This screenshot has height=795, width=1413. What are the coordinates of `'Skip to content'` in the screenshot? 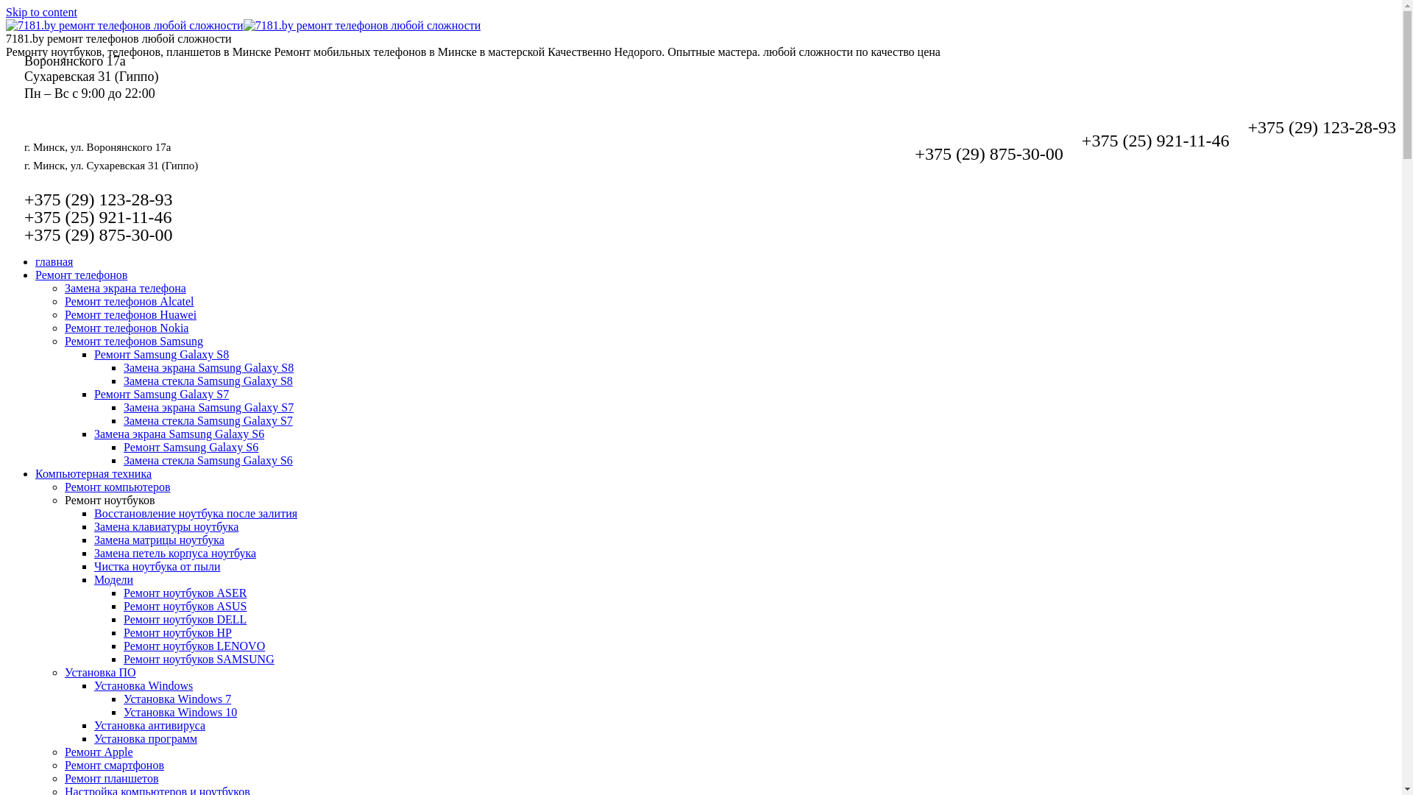 It's located at (41, 12).